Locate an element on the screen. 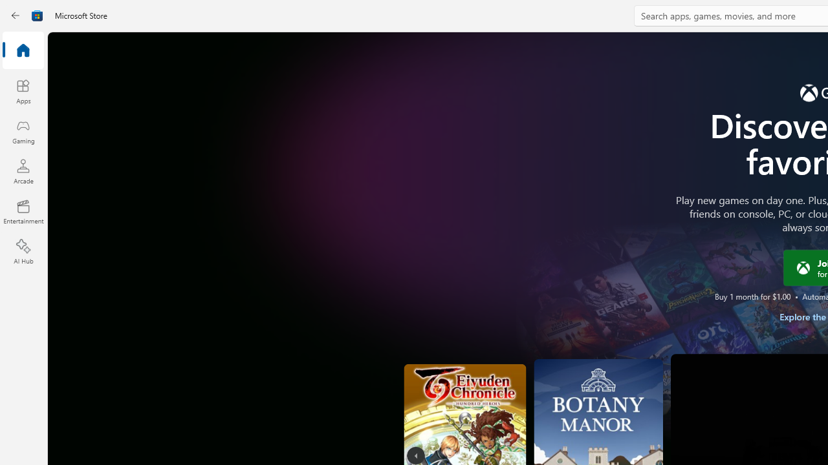  'Back' is located at coordinates (16, 15).